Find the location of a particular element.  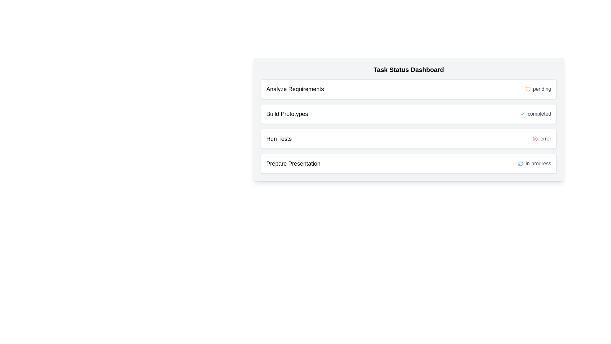

text of the Status indicator labeled 'in-progress' with a circular arrow icon, located in the bottom-right corner of the 'Prepare Presentation' card is located at coordinates (535, 163).